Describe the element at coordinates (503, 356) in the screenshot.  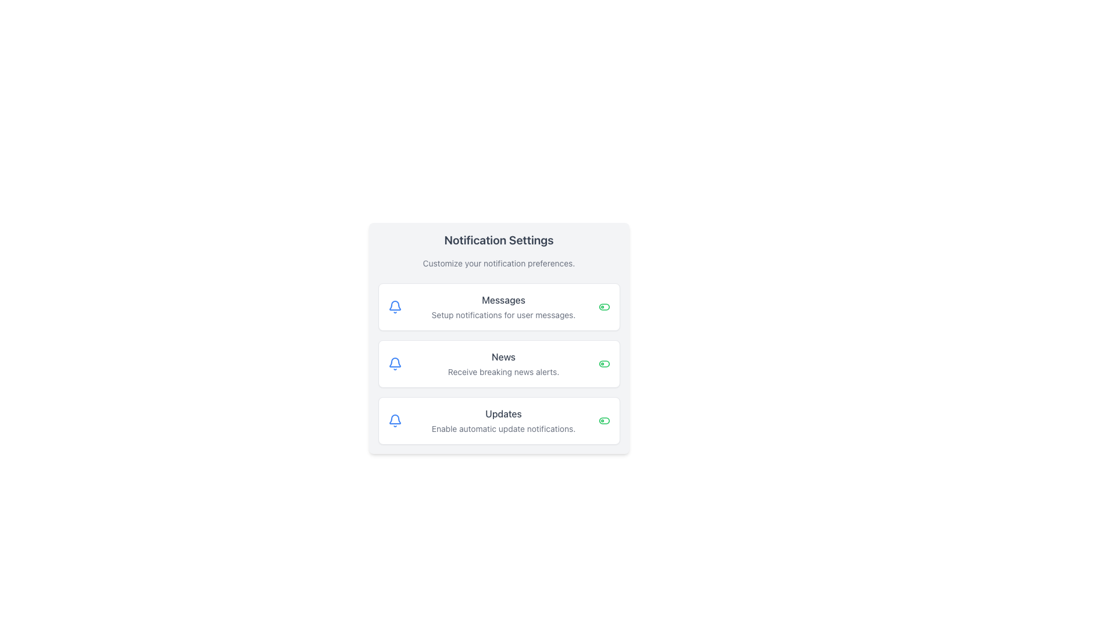
I see `the 'News' text label which is displayed in a medium-sized, bold gray font, positioned above a smaller descriptive text in the notification settings section` at that location.